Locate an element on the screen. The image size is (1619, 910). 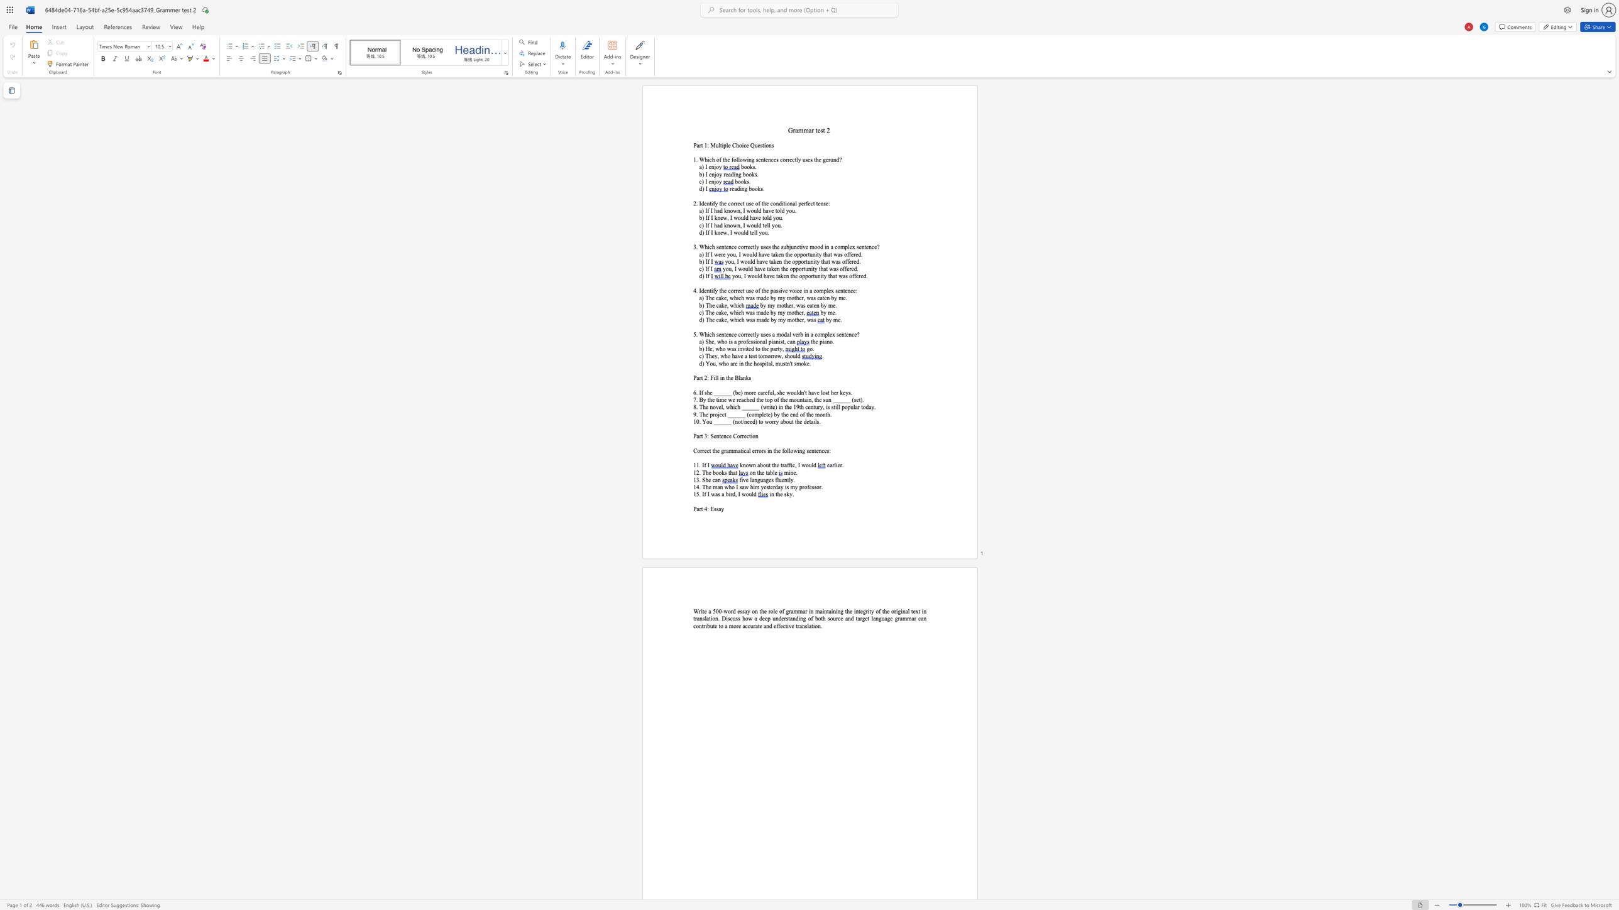
the space between the continuous character "i" and "a" in the text is located at coordinates (773, 341).